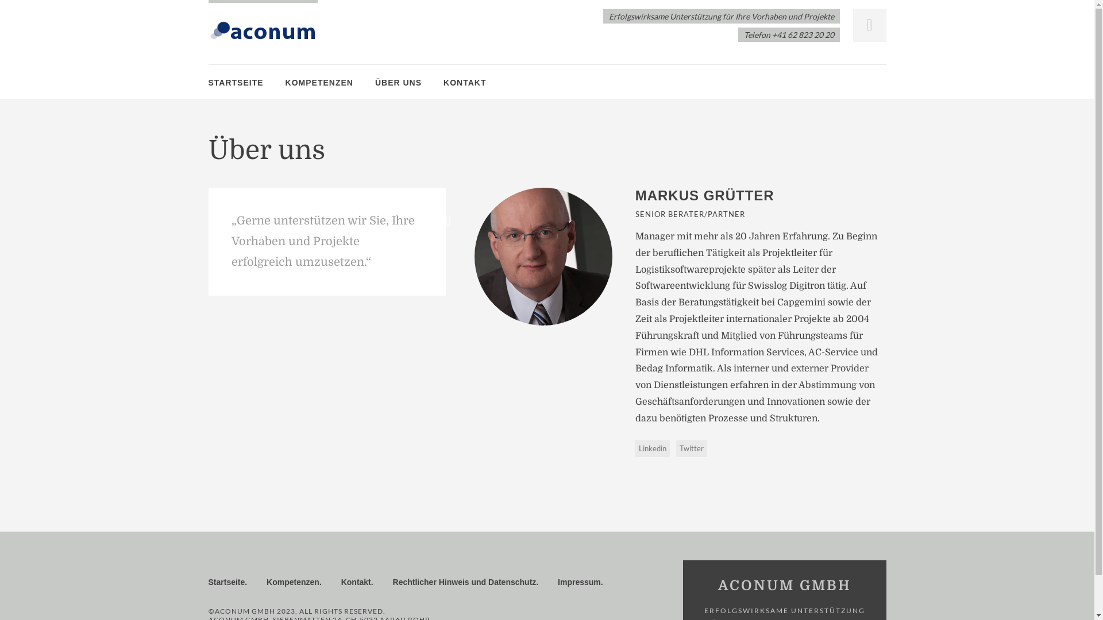 This screenshot has width=1103, height=620. Describe the element at coordinates (634, 448) in the screenshot. I see `'Linkedin'` at that location.